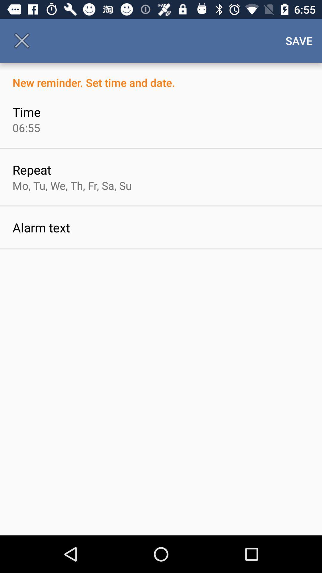  Describe the element at coordinates (41, 227) in the screenshot. I see `item below the mo tu we` at that location.